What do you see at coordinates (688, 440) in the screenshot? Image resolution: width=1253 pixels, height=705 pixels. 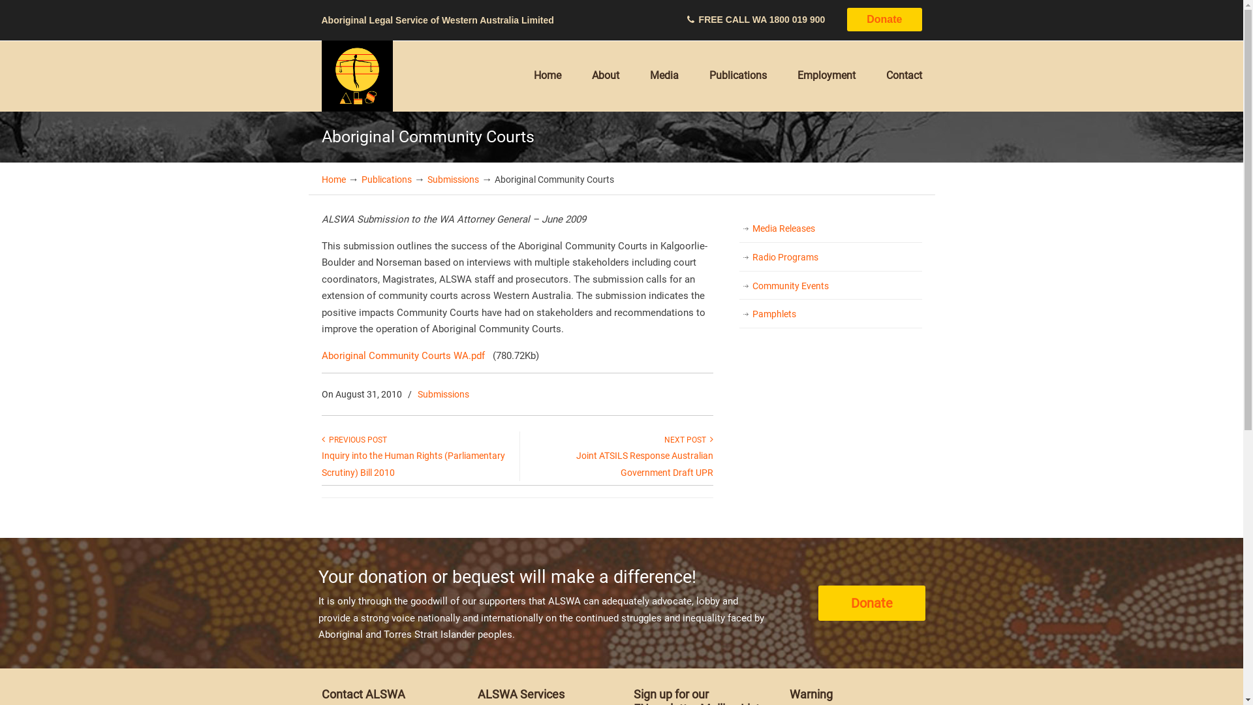 I see `'NEXT POST  '` at bounding box center [688, 440].